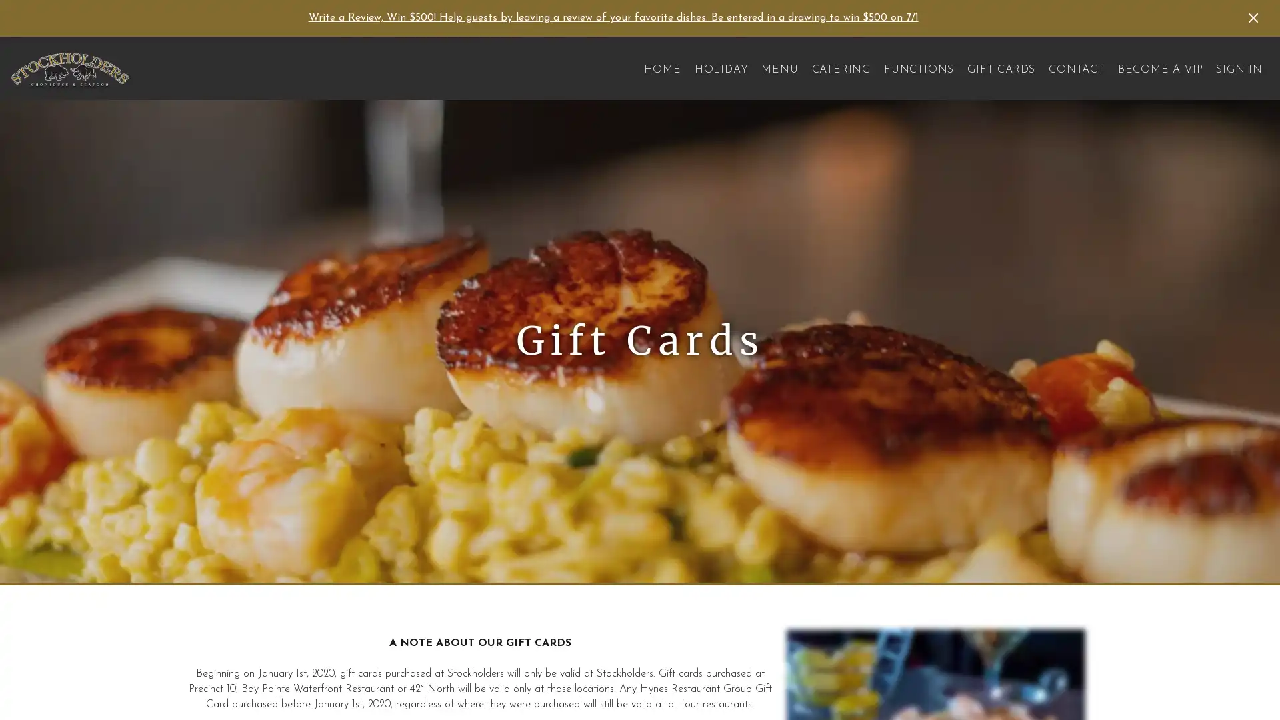 This screenshot has height=720, width=1280. What do you see at coordinates (1238, 69) in the screenshot?
I see `SIGN IN` at bounding box center [1238, 69].